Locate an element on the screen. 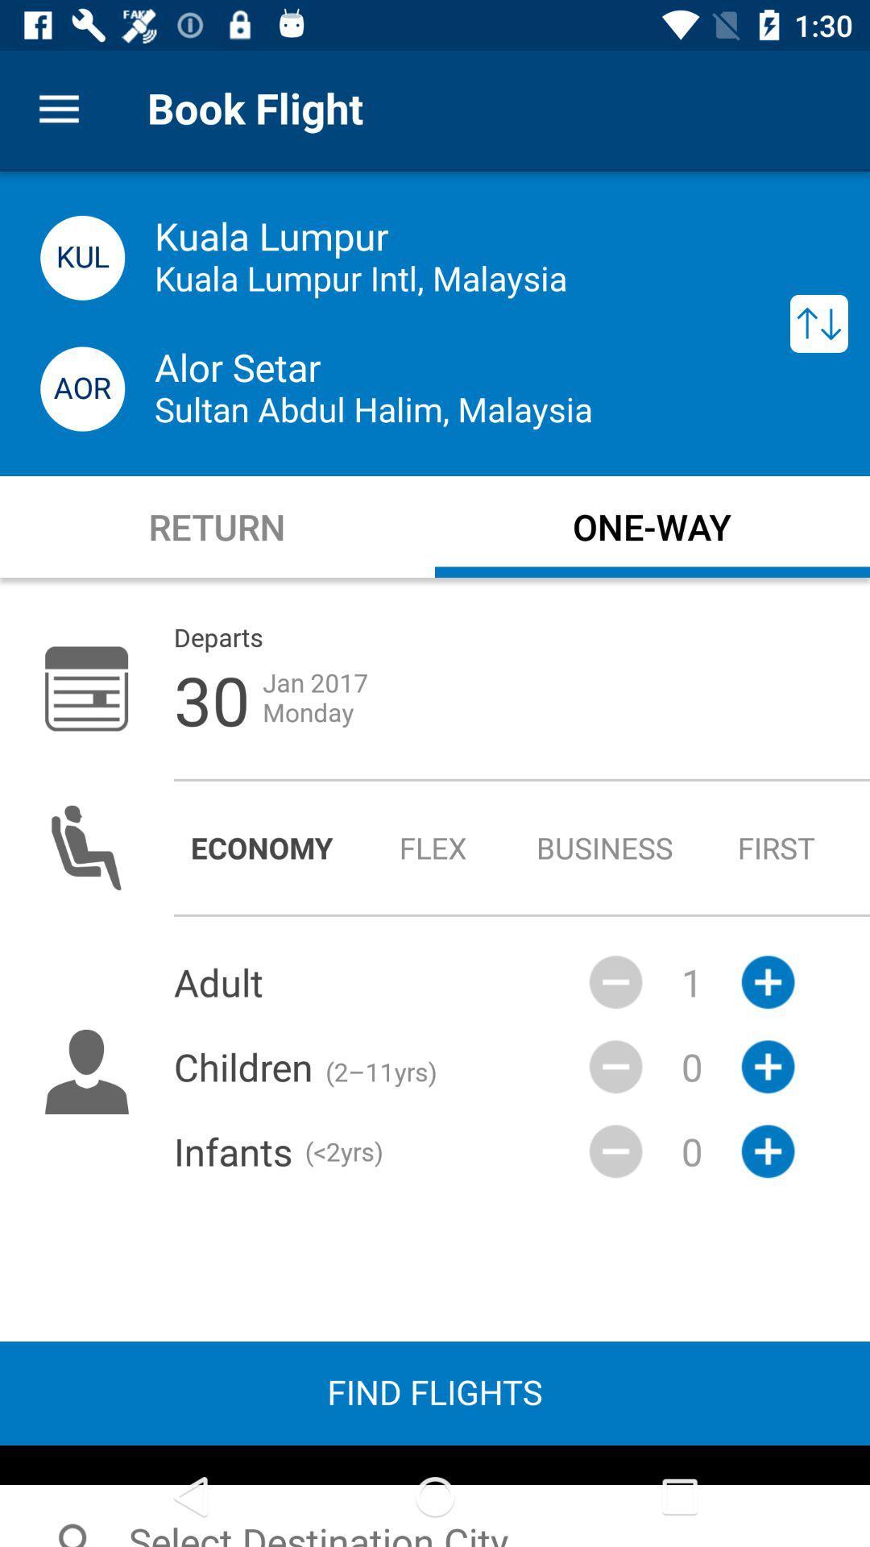 This screenshot has width=870, height=1547. flex radio button is located at coordinates (433, 847).